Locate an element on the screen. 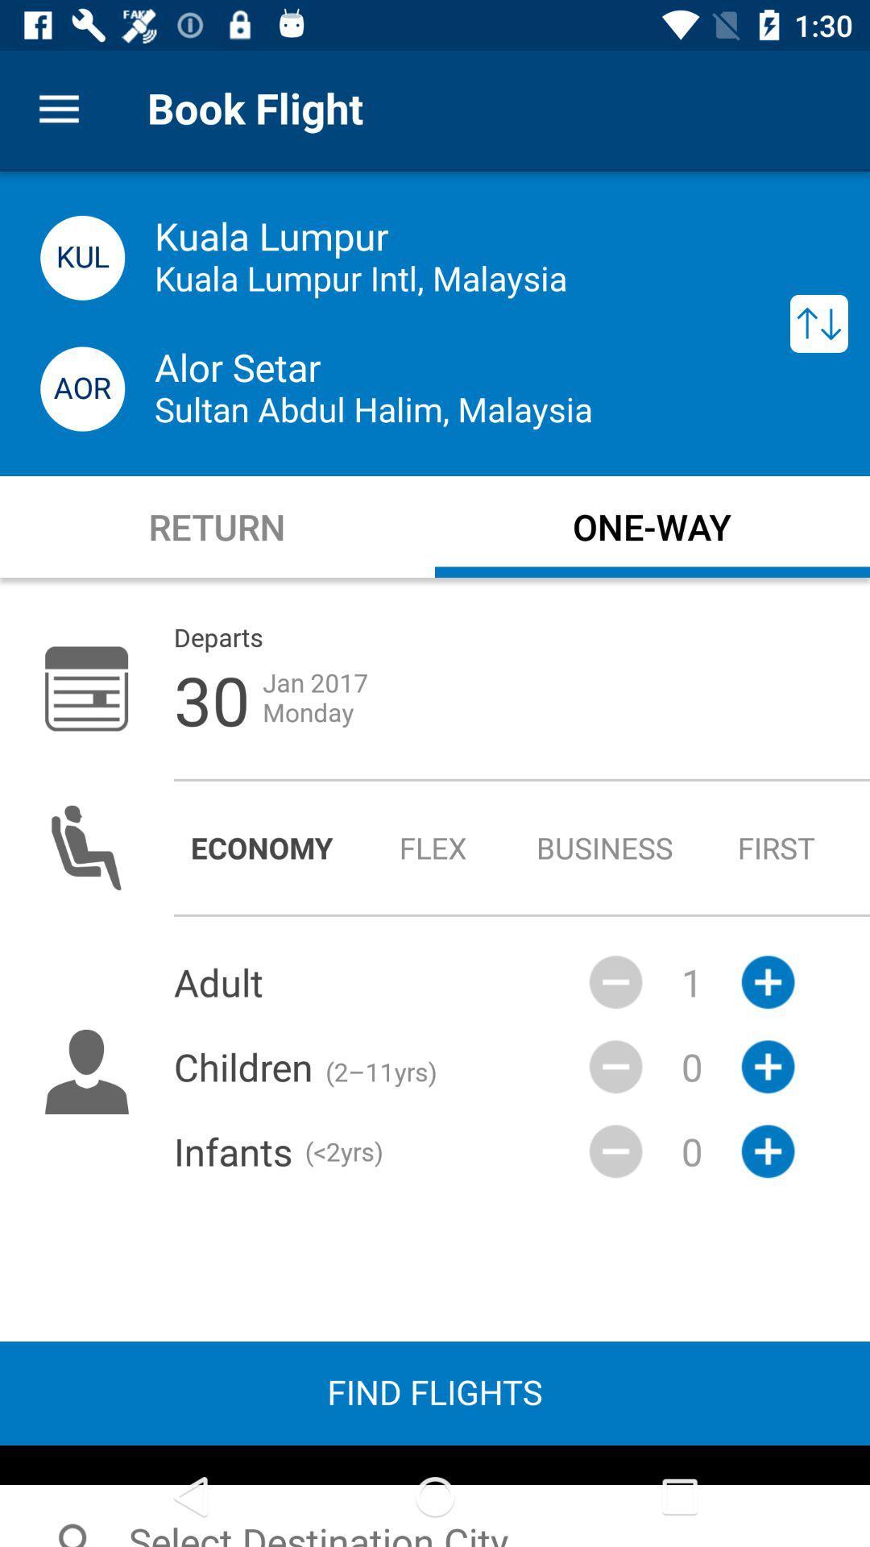 This screenshot has width=870, height=1547. flex radio button is located at coordinates (433, 847).